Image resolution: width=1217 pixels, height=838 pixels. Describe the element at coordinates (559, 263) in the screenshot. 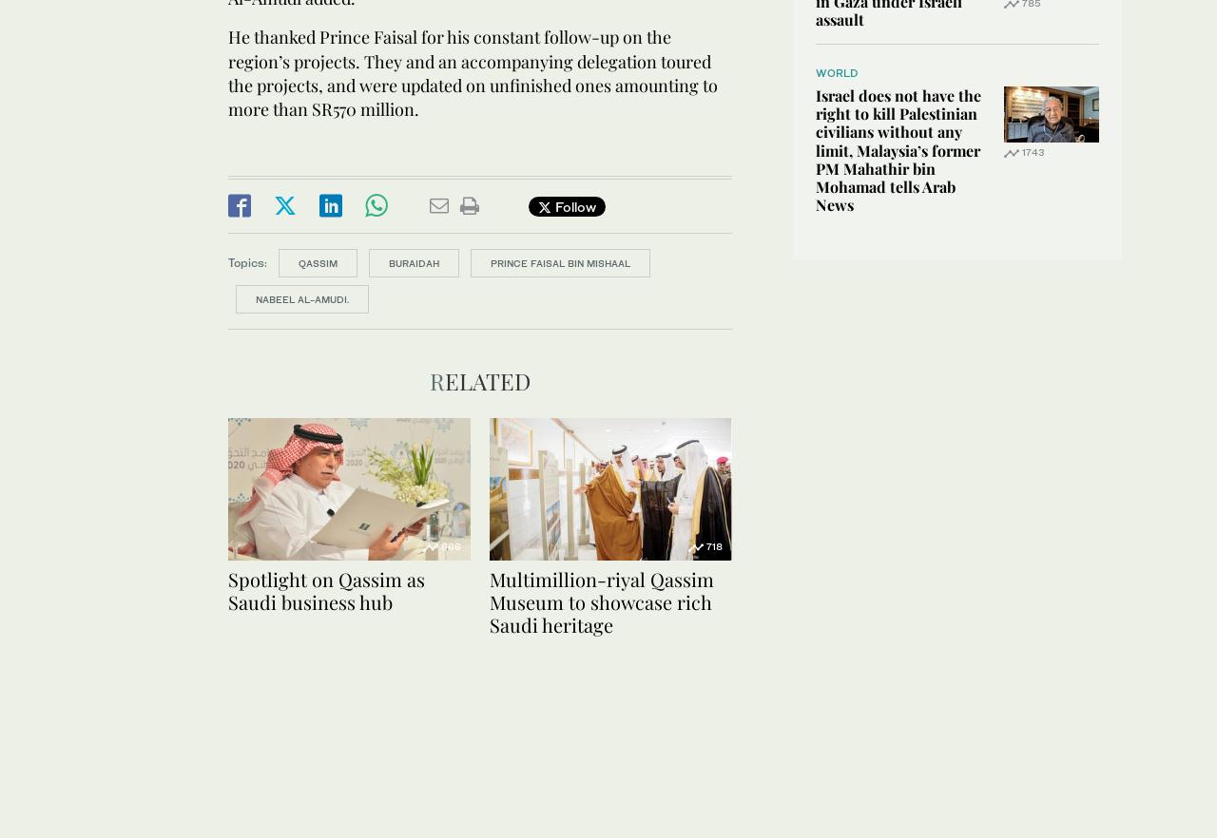

I see `'Prince Faisal bin Mishaal'` at that location.